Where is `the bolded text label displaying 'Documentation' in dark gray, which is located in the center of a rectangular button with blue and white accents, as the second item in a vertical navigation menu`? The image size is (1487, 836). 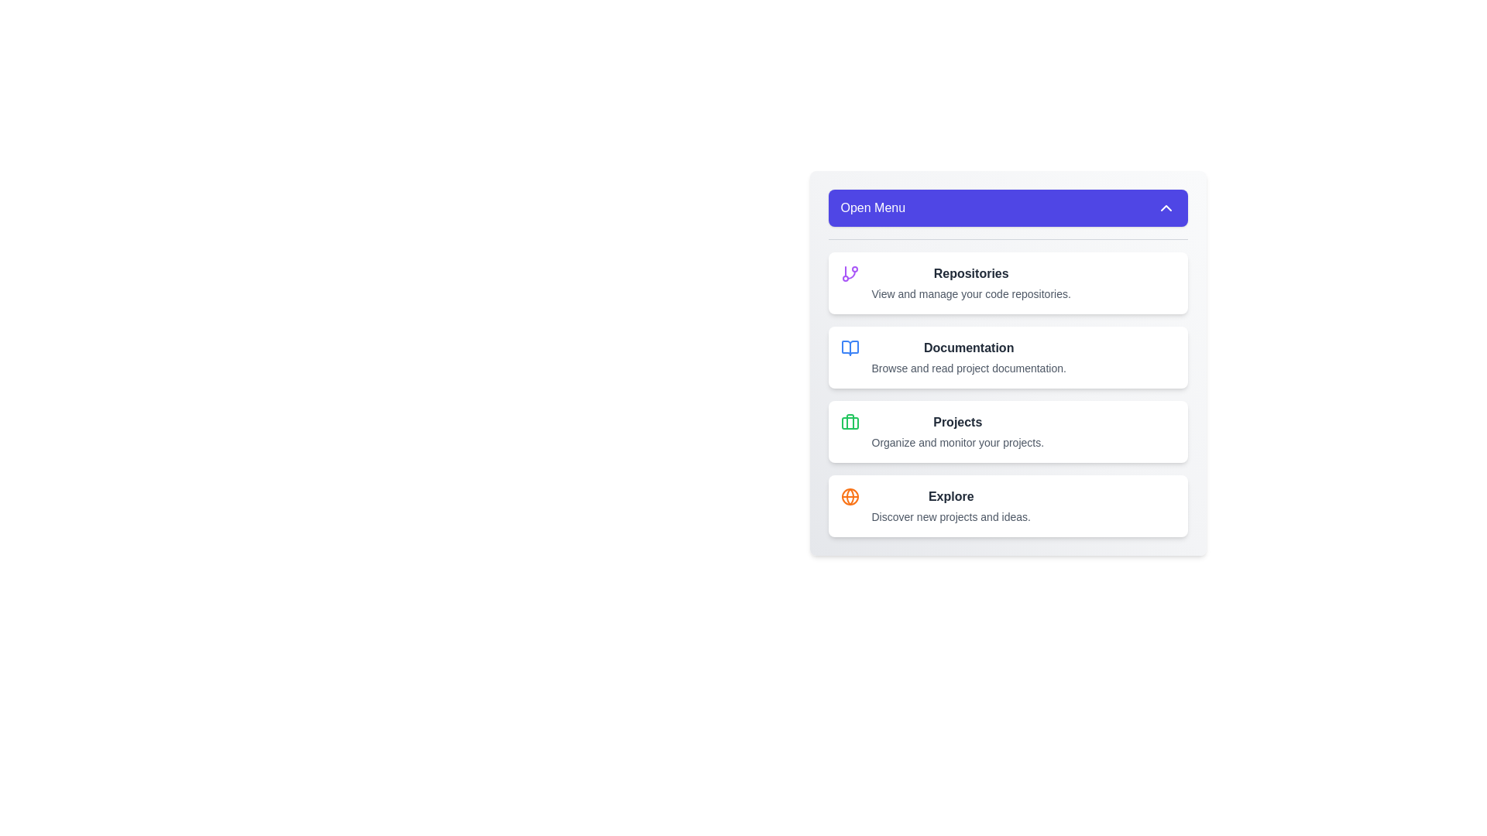 the bolded text label displaying 'Documentation' in dark gray, which is located in the center of a rectangular button with blue and white accents, as the second item in a vertical navigation menu is located at coordinates (968, 348).